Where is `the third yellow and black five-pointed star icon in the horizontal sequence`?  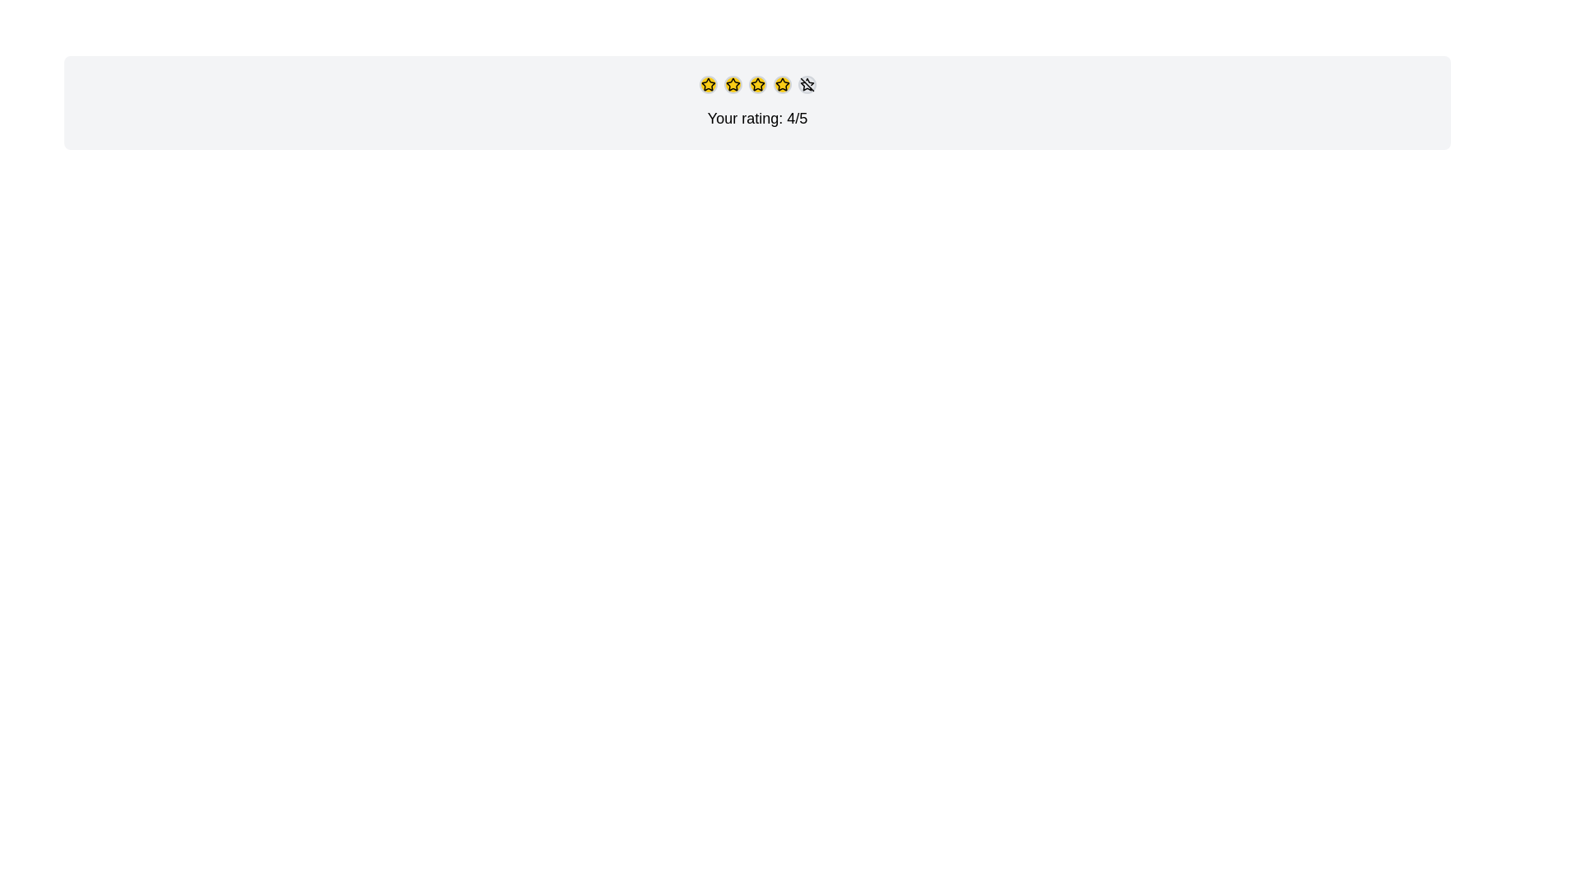
the third yellow and black five-pointed star icon in the horizontal sequence is located at coordinates (781, 84).